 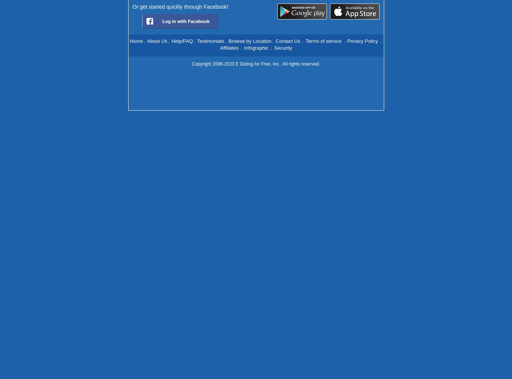 I want to click on 'Home', so click(x=129, y=40).